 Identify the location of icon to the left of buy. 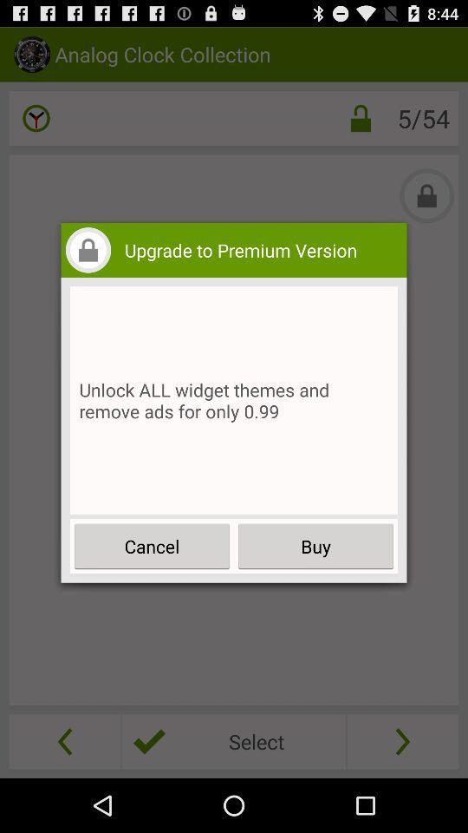
(152, 545).